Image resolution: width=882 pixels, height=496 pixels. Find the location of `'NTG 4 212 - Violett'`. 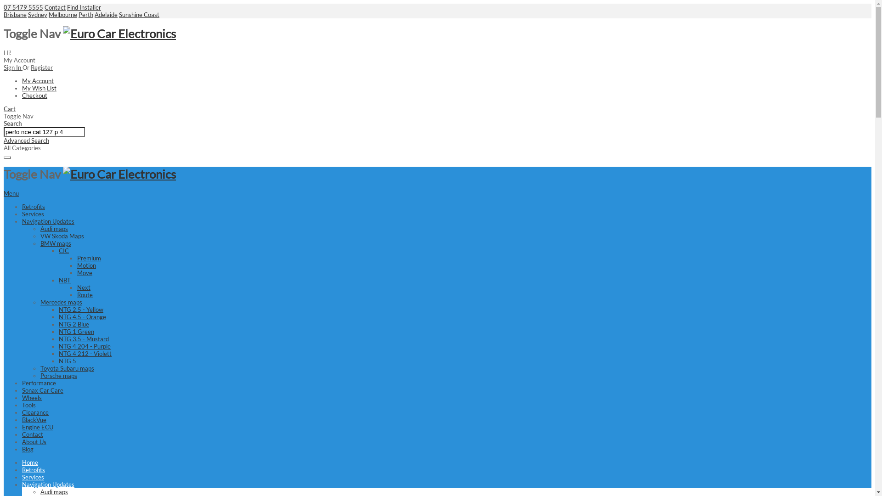

'NTG 4 212 - Violett' is located at coordinates (58, 353).